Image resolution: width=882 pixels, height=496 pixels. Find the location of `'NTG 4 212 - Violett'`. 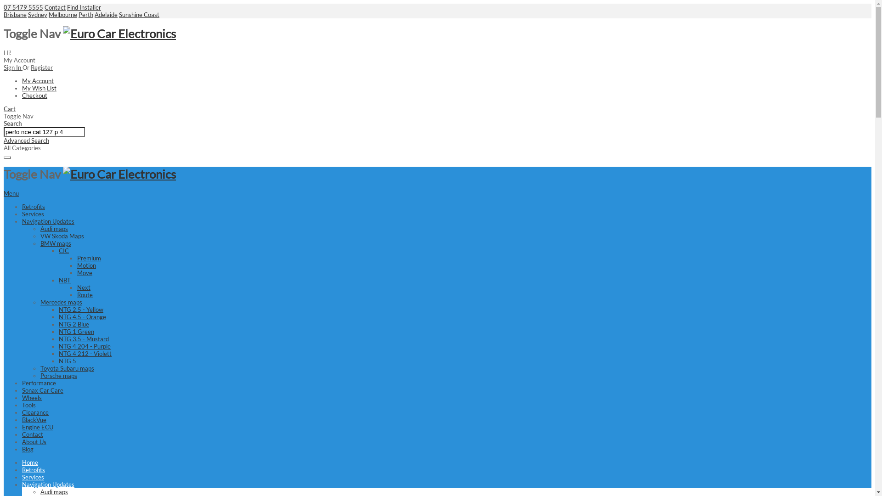

'NTG 4 212 - Violett' is located at coordinates (58, 353).